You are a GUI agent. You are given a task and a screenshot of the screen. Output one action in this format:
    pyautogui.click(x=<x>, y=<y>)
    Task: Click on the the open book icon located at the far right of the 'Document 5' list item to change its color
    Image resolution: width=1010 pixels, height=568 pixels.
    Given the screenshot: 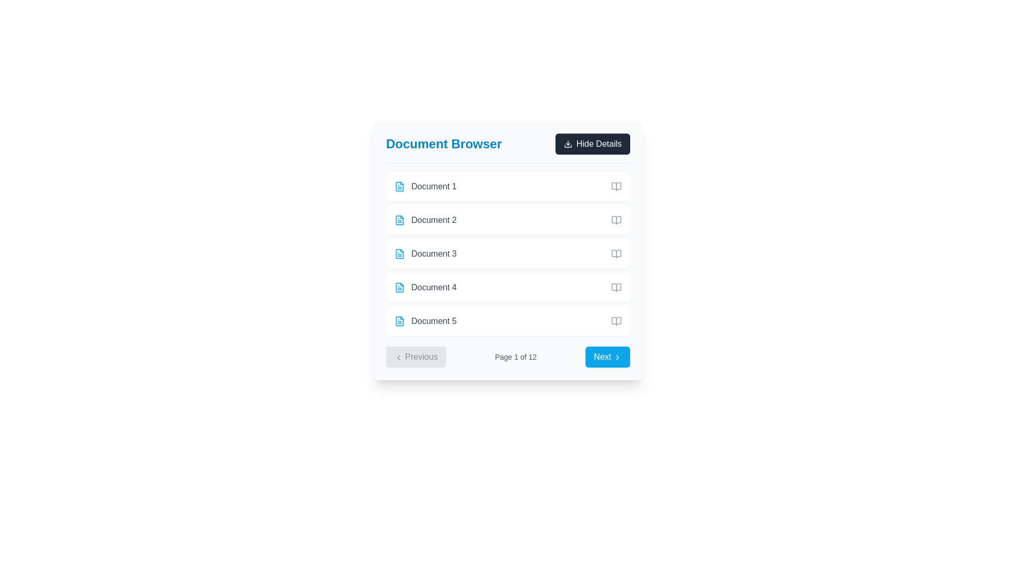 What is the action you would take?
    pyautogui.click(x=616, y=320)
    